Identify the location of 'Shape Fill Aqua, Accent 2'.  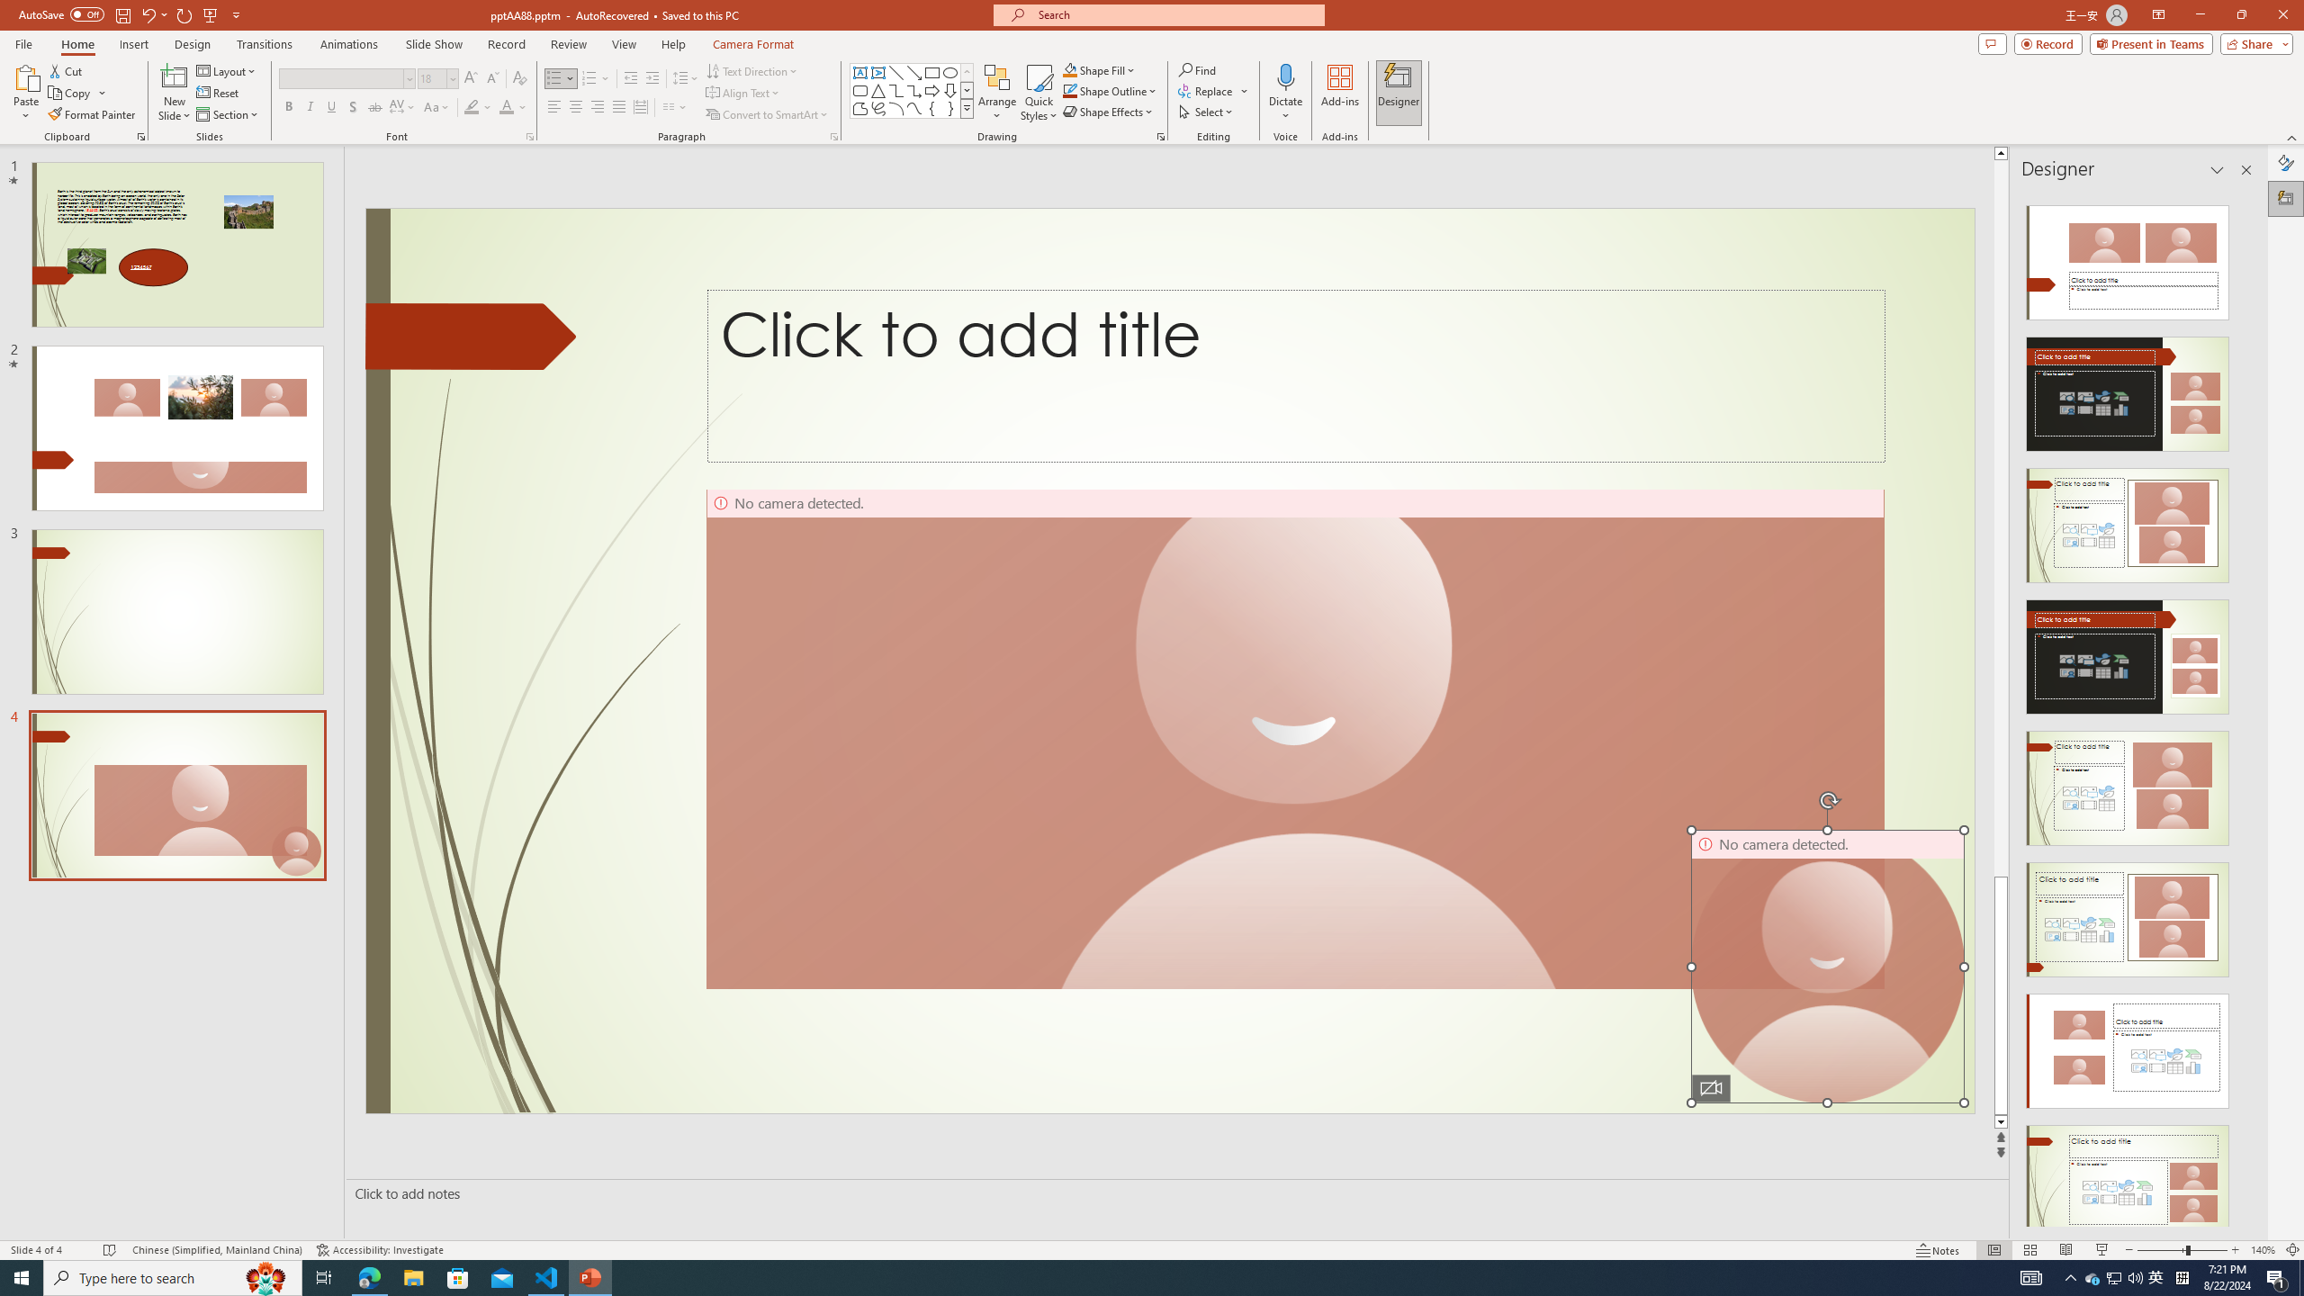
(1070, 69).